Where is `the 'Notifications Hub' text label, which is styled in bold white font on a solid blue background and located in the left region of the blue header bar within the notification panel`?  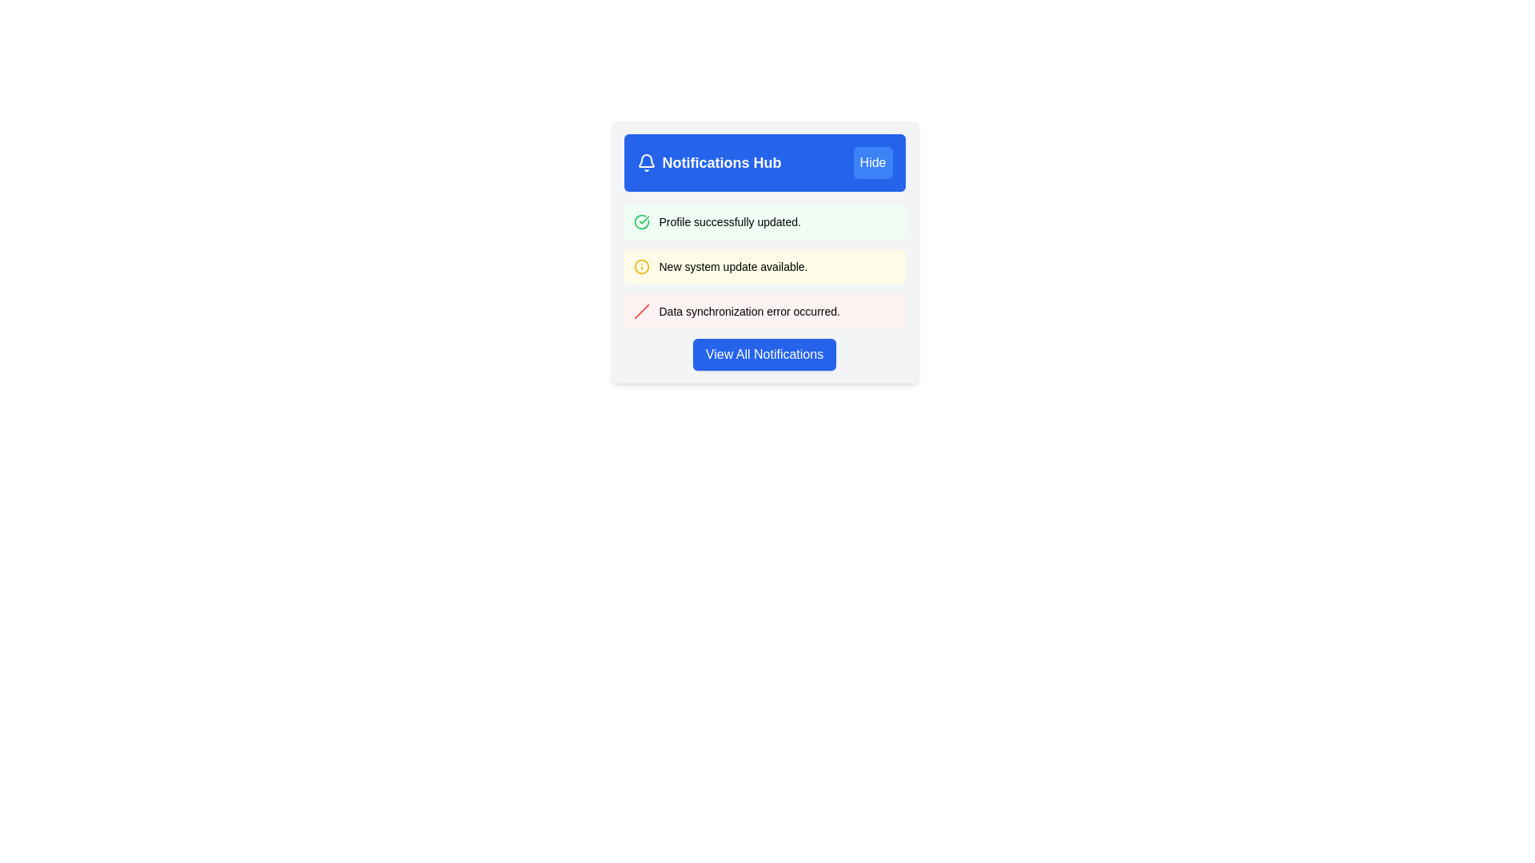 the 'Notifications Hub' text label, which is styled in bold white font on a solid blue background and located in the left region of the blue header bar within the notification panel is located at coordinates (708, 163).